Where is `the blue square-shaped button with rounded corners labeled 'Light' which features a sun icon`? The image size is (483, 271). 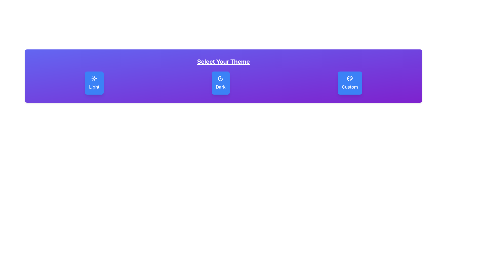
the blue square-shaped button with rounded corners labeled 'Light' which features a sun icon is located at coordinates (94, 83).